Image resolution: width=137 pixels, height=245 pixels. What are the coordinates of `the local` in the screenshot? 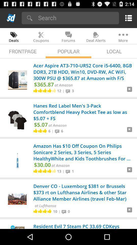 It's located at (114, 51).